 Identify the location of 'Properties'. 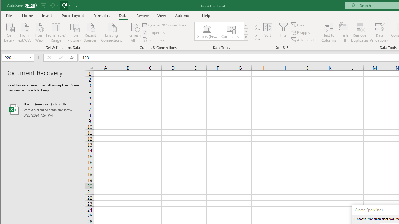
(154, 32).